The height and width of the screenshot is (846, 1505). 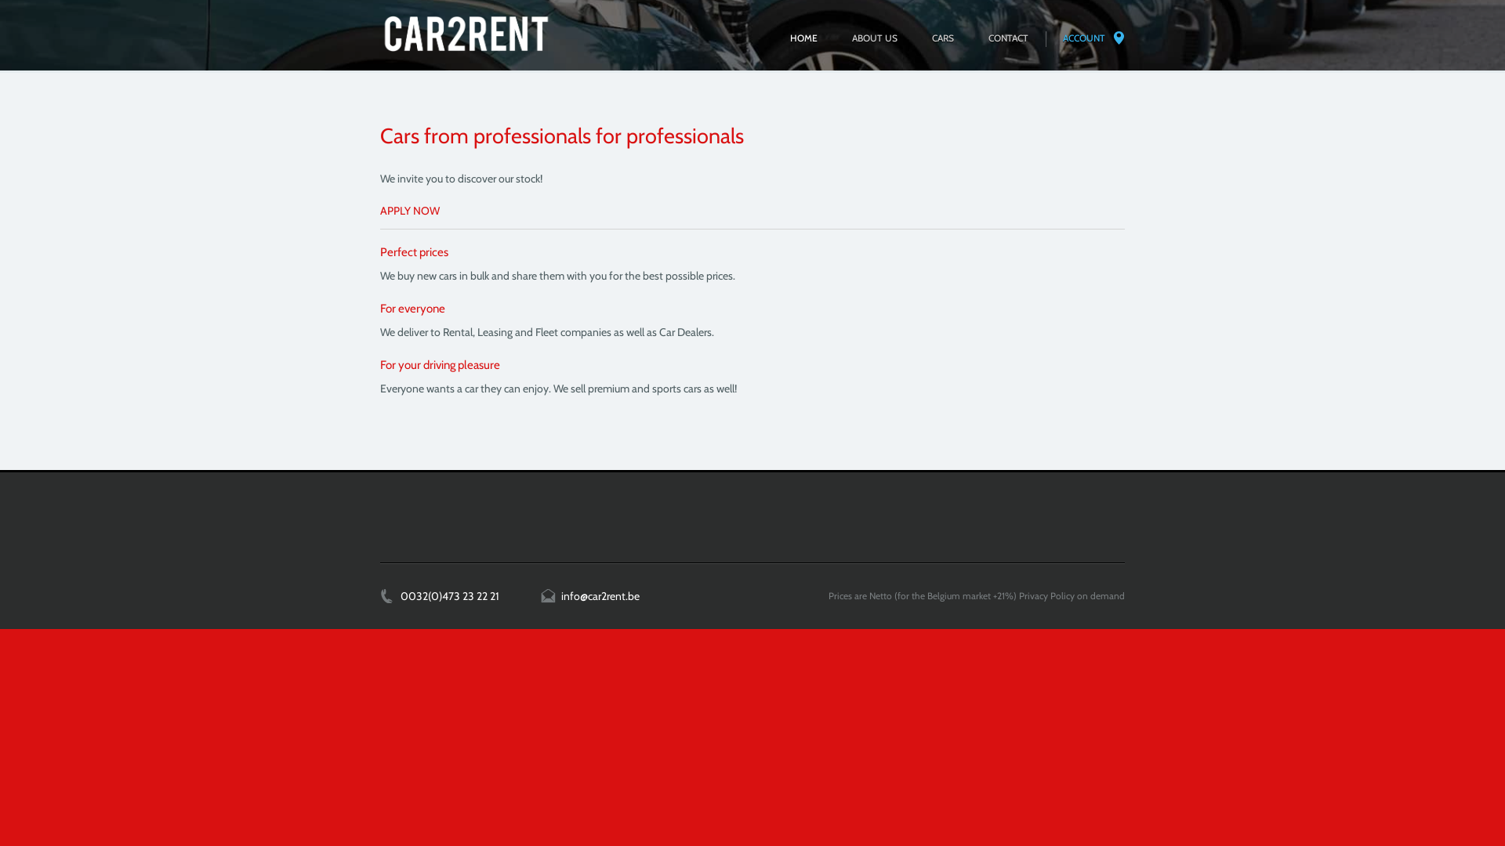 I want to click on 'CONTACT', so click(x=1008, y=38).